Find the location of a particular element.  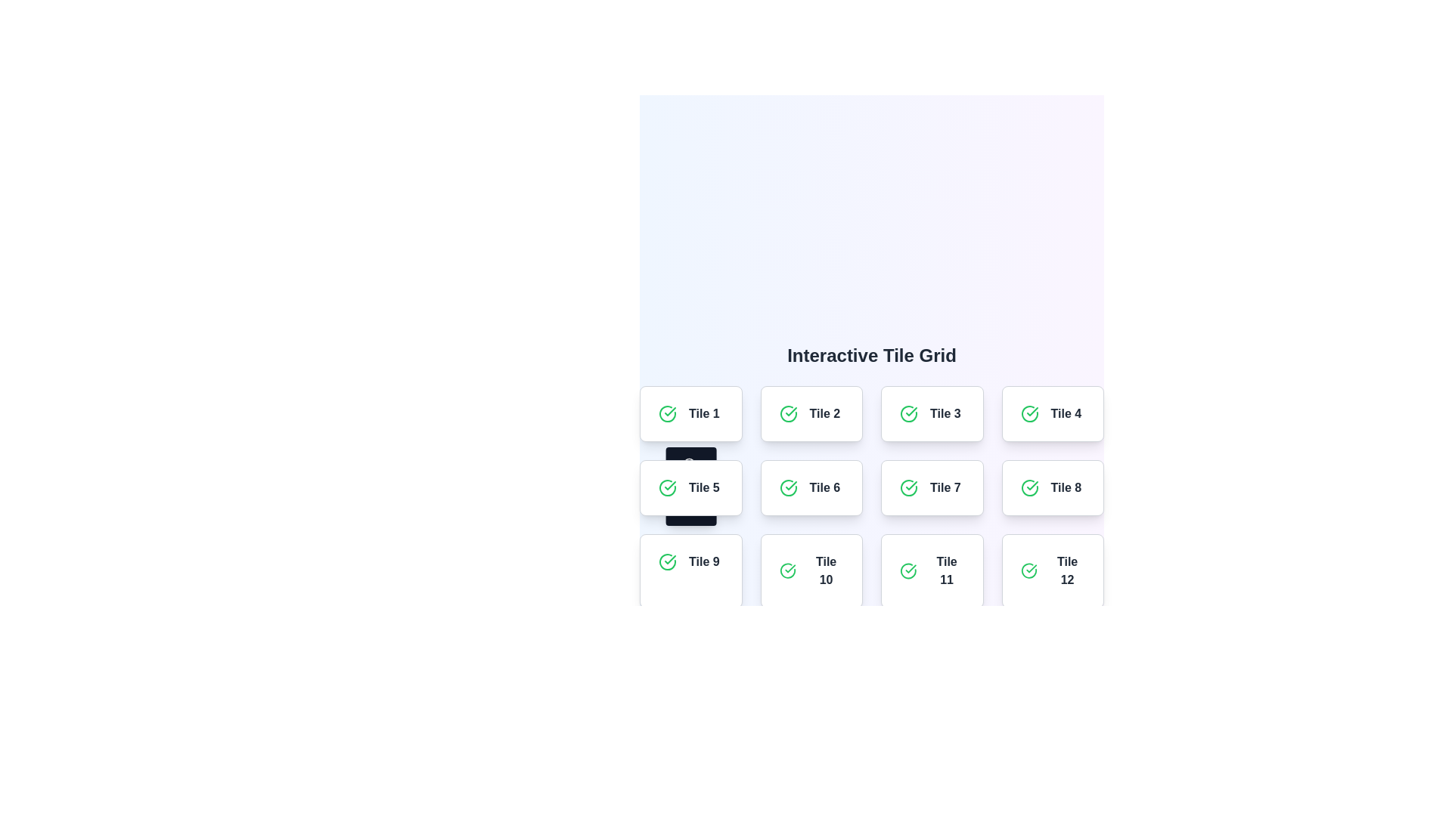

'Tile 11', which is the third tile in the third row of a grid layout, to activate hover effects is located at coordinates (931, 571).